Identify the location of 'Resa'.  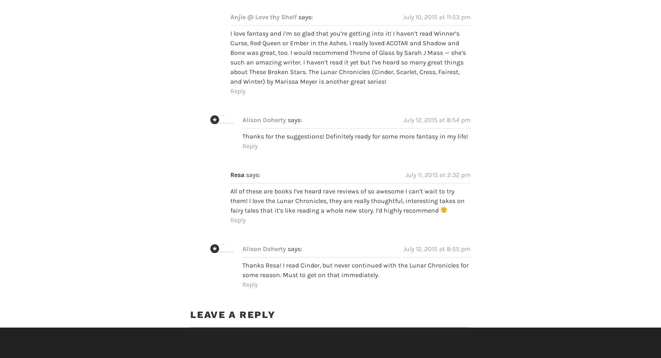
(230, 159).